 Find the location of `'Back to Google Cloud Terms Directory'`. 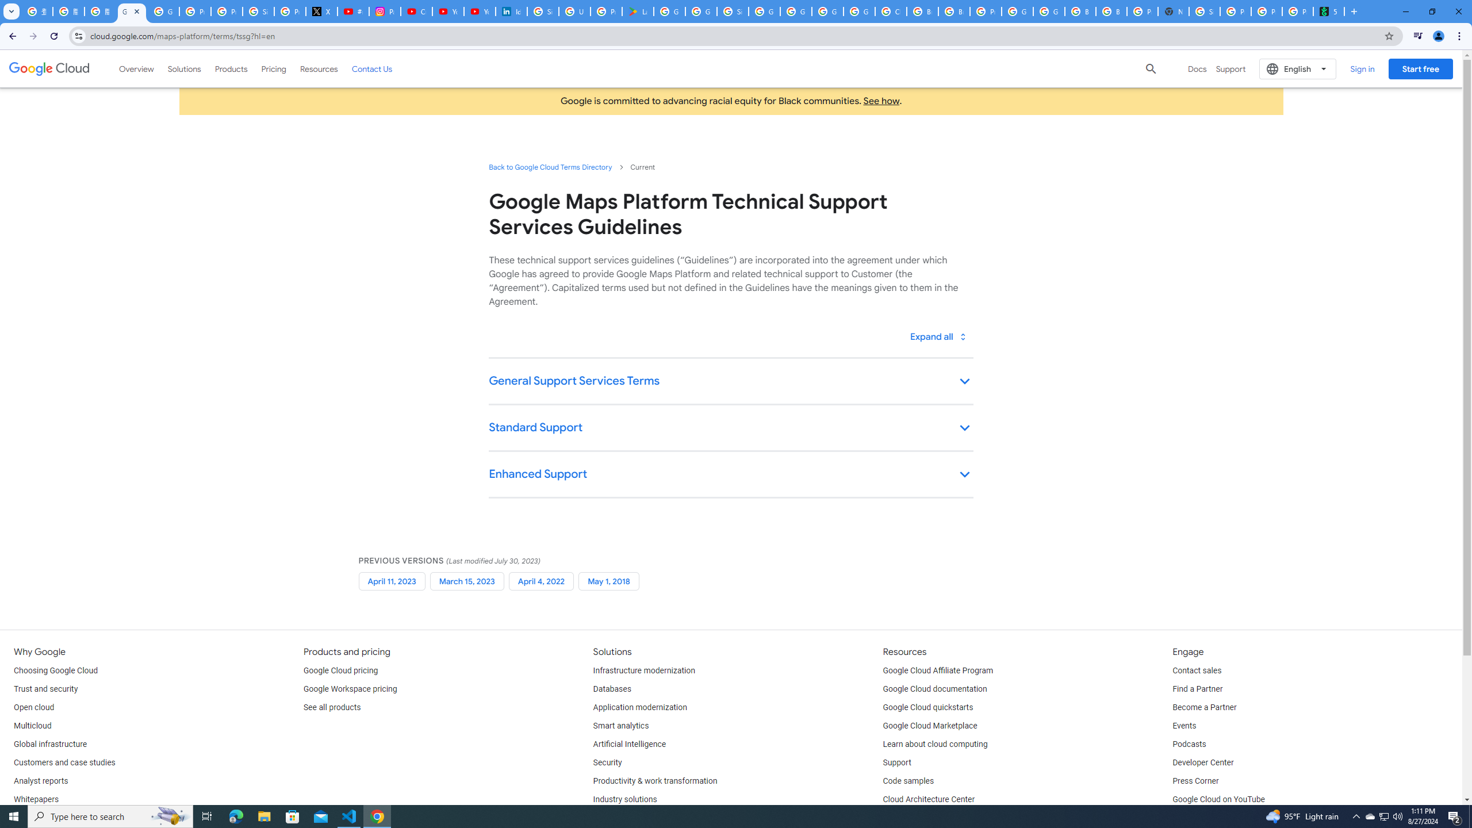

'Back to Google Cloud Terms Directory' is located at coordinates (550, 167).